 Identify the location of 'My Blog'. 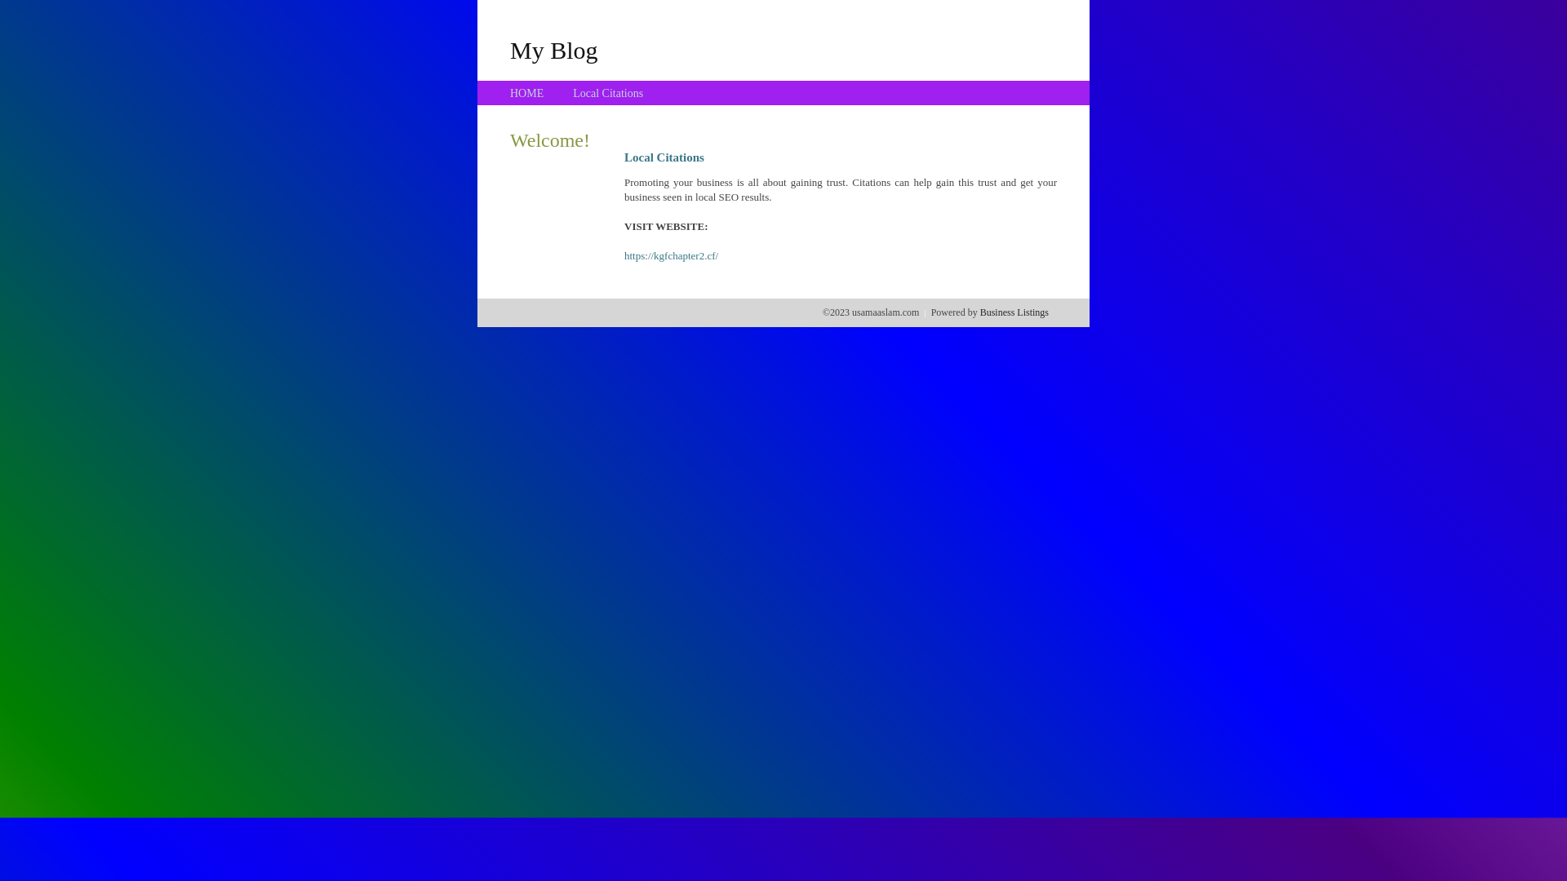
(508, 49).